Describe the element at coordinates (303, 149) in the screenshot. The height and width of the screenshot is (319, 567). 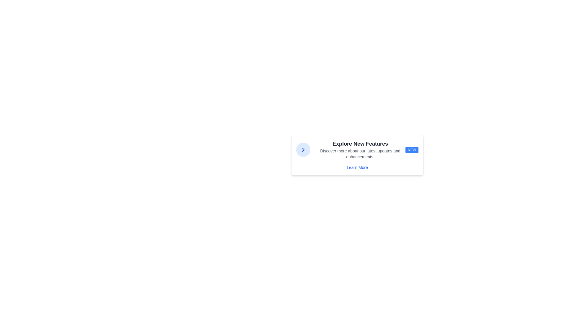
I see `the chevron arrow icon located within the circular blue button on the left side of the 'Explore New Features' notification card` at that location.